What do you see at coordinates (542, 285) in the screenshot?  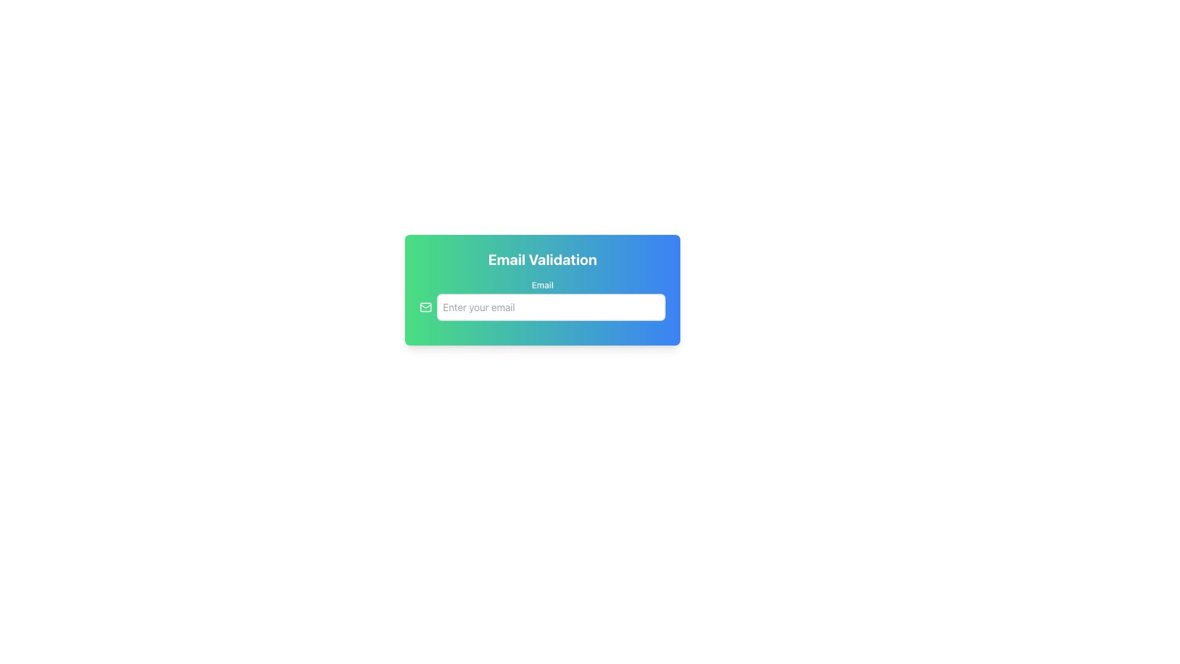 I see `the static text label that reads 'Email', styled with a white font against a gradient background, positioned above the text input field` at bounding box center [542, 285].